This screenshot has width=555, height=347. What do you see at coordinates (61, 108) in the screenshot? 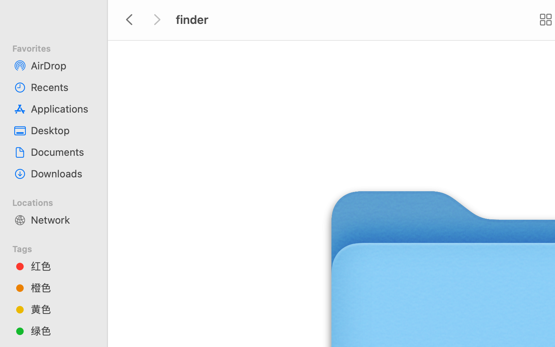
I see `'Applications'` at bounding box center [61, 108].